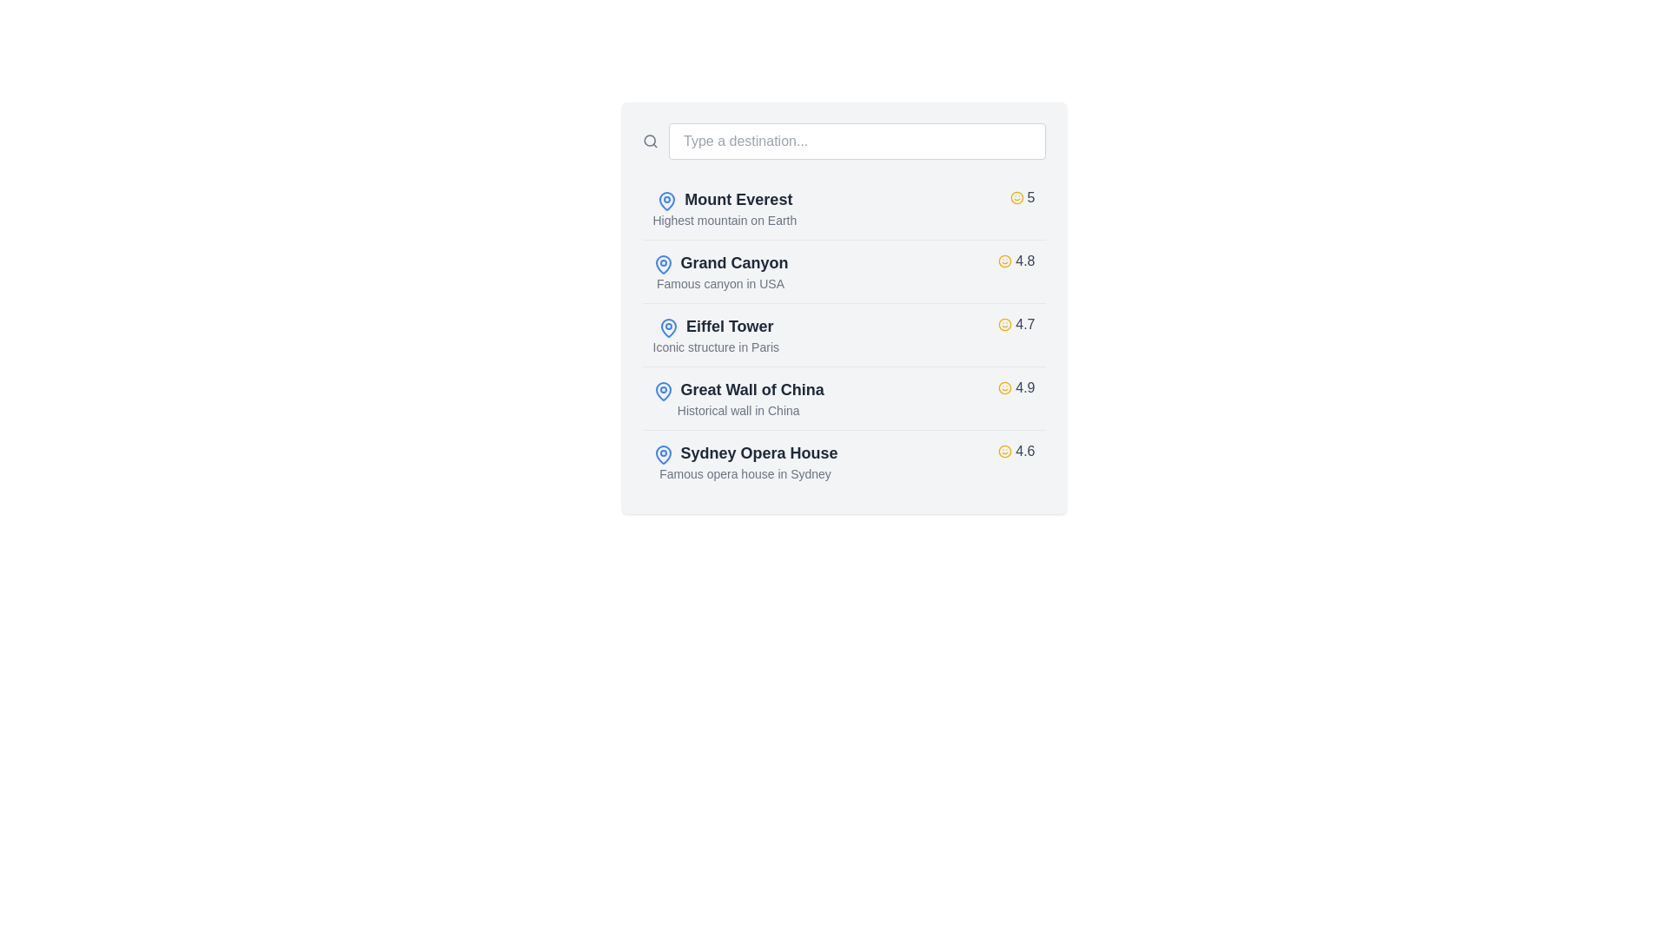  What do you see at coordinates (844, 460) in the screenshot?
I see `the fifth list item representing 'Sydney Opera House'` at bounding box center [844, 460].